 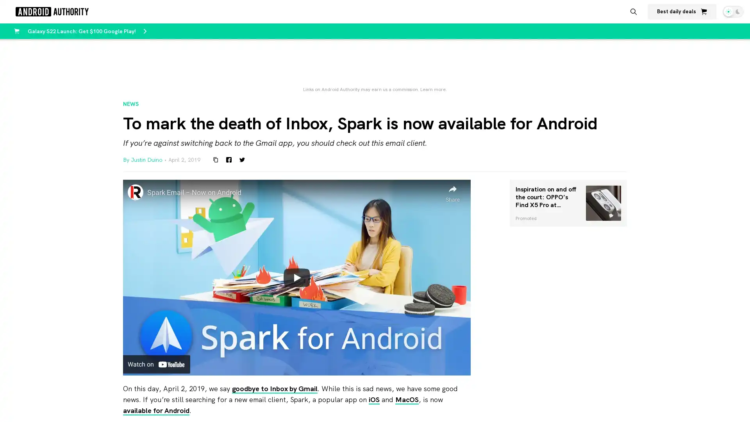 What do you see at coordinates (634, 11) in the screenshot?
I see `Search` at bounding box center [634, 11].